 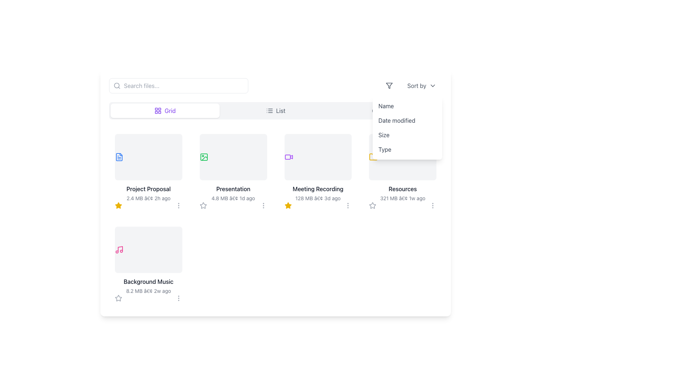 I want to click on the context menu icon located at the bottom right of the 'Background Music' section in the file list grid, which provides additional options for the associated file, so click(x=178, y=298).